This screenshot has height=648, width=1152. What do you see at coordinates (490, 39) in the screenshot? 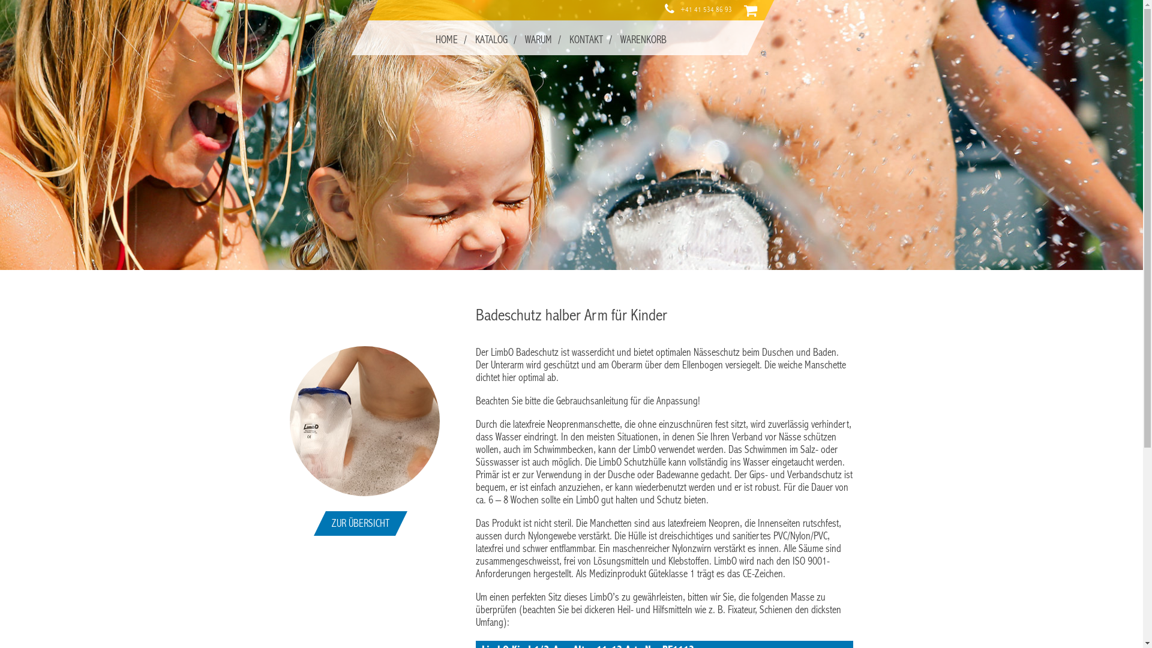
I see `'KATALOG'` at bounding box center [490, 39].